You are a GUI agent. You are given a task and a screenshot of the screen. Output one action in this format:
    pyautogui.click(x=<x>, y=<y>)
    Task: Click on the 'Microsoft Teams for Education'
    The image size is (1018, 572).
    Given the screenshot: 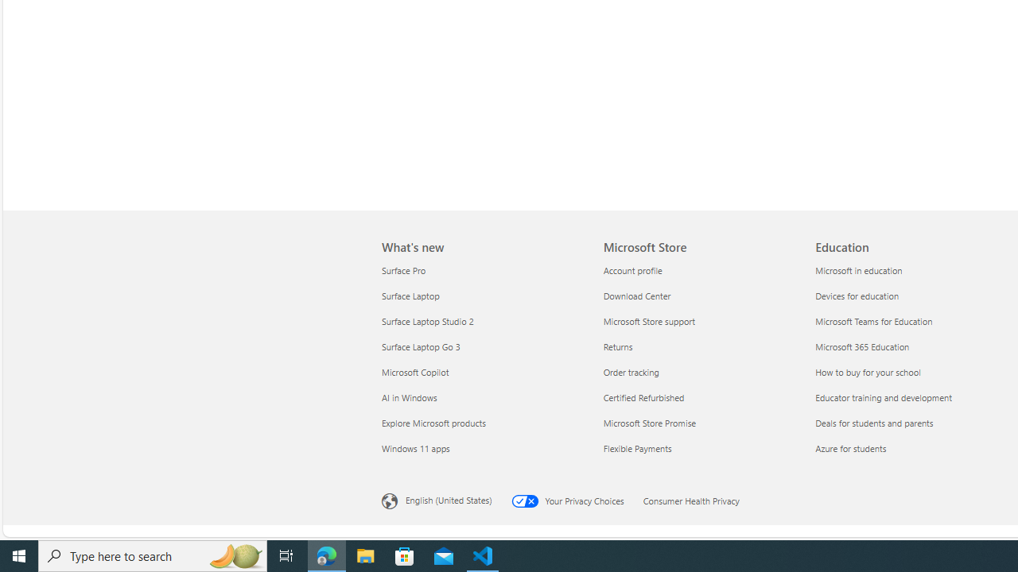 What is the action you would take?
    pyautogui.click(x=911, y=321)
    